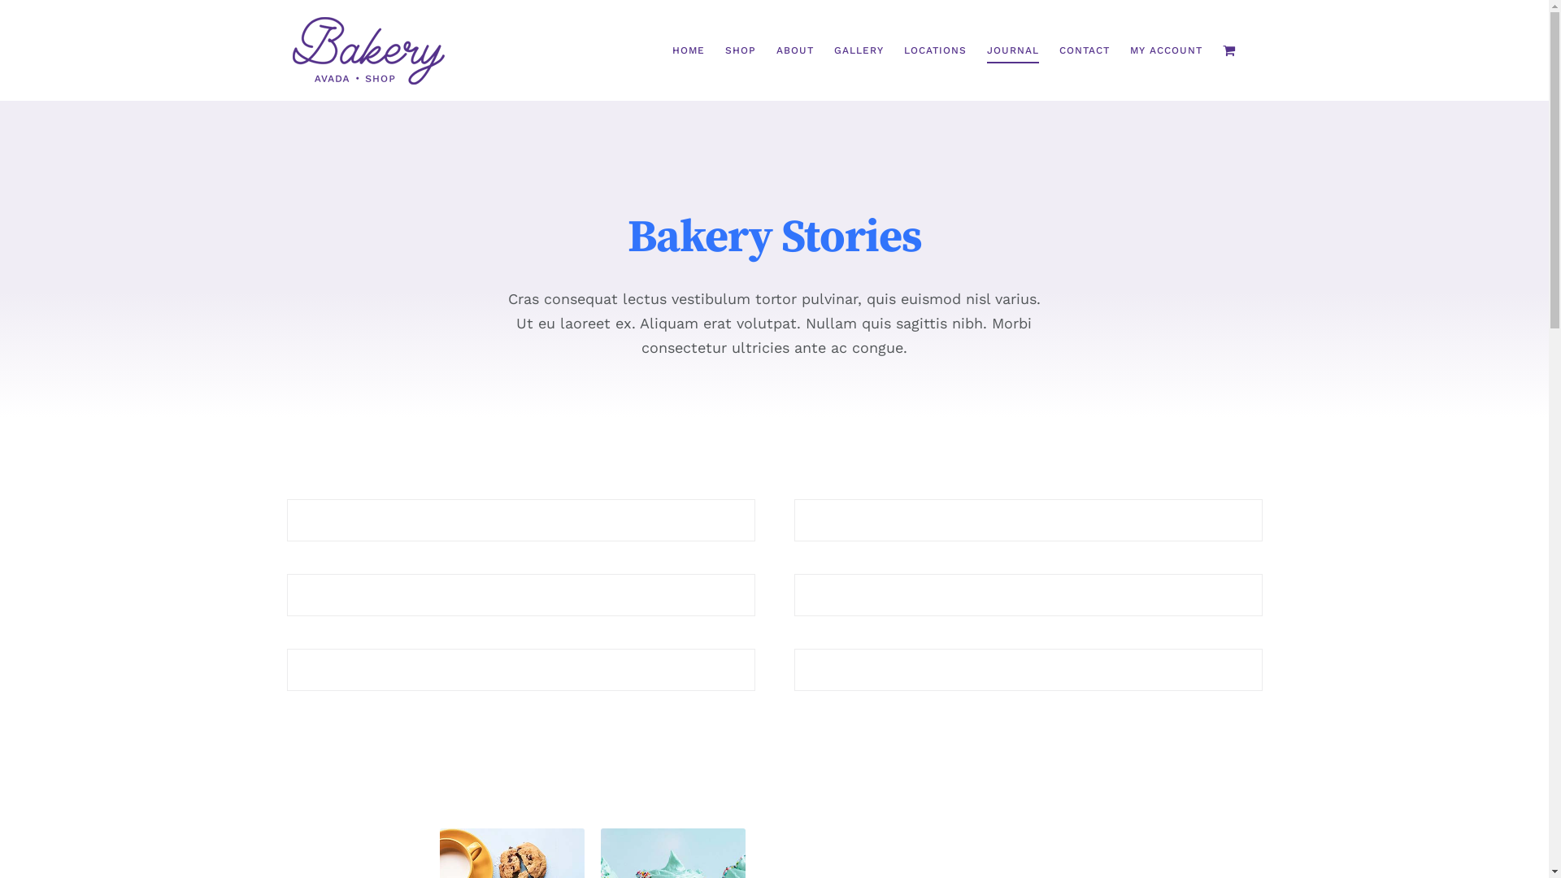  I want to click on 'MY ACCOUNT', so click(1165, 49).